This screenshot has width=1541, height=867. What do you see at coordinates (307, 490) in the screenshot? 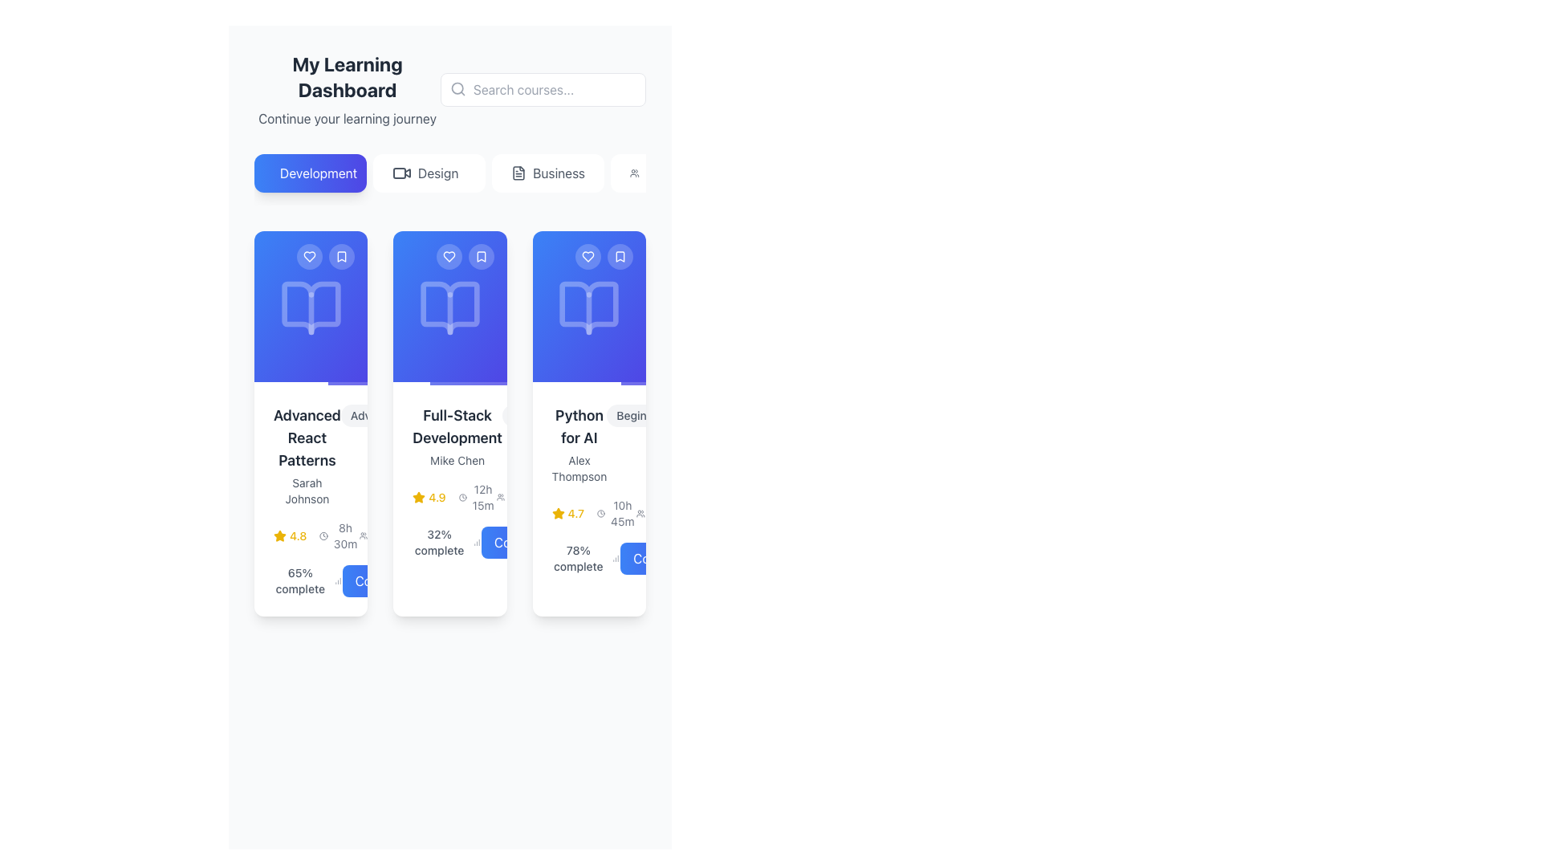
I see `the Text label displaying the author's name associated with the 'Advanced React Patterns' course, located directly underneath the course title in the first column of the grid layout` at bounding box center [307, 490].